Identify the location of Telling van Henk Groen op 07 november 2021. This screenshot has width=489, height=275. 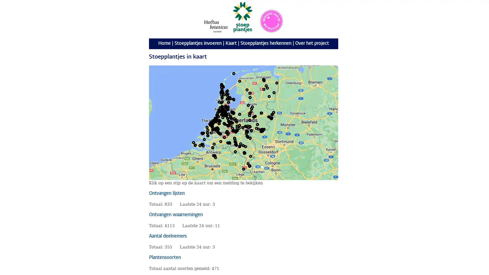
(254, 117).